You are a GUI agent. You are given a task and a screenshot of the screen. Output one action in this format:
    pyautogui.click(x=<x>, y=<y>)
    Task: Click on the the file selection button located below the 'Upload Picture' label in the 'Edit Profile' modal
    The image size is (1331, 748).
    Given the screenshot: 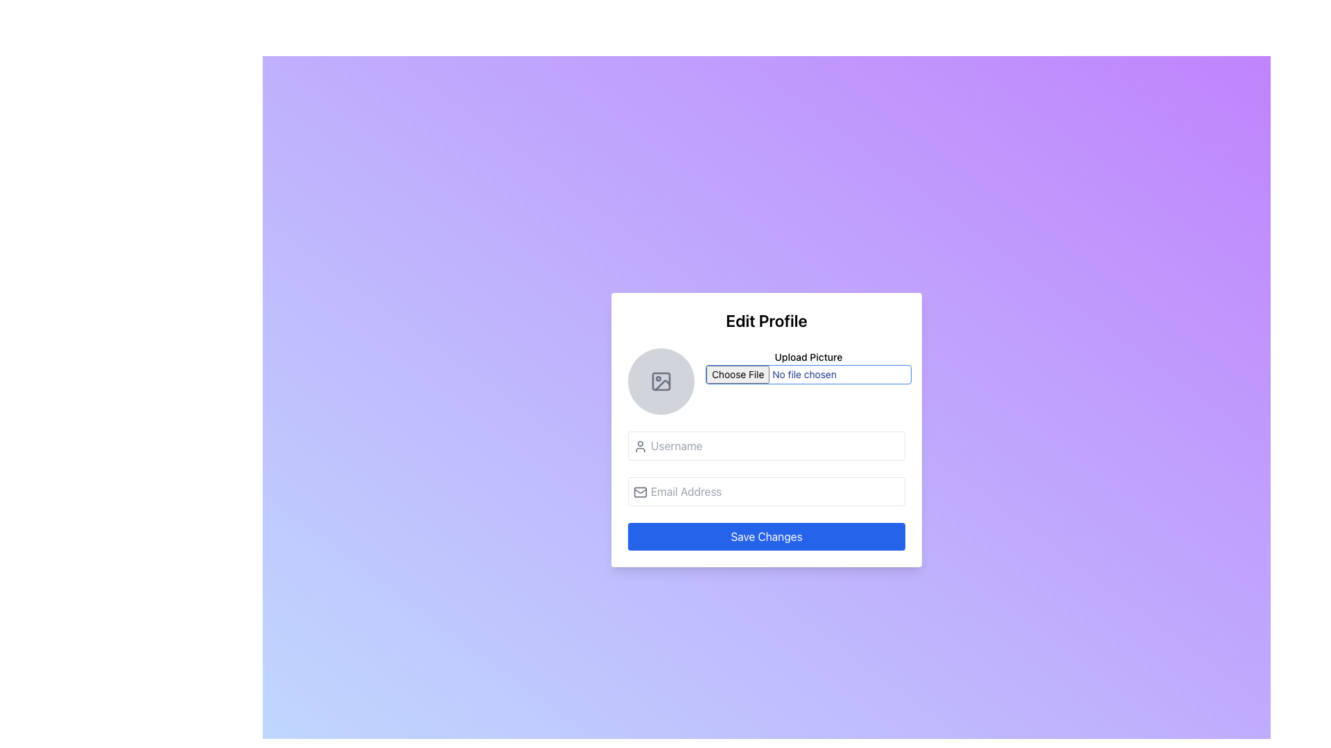 What is the action you would take?
    pyautogui.click(x=808, y=374)
    